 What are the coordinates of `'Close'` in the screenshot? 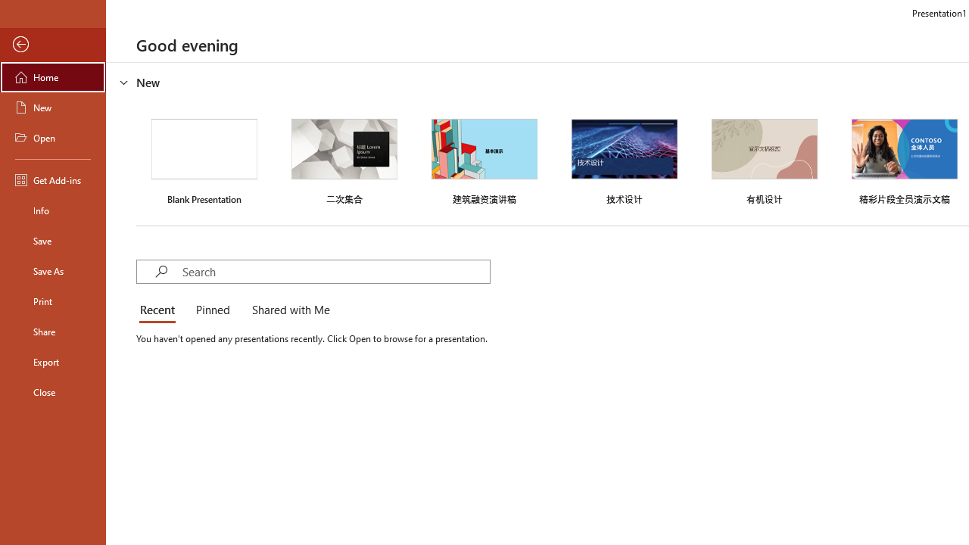 It's located at (52, 391).